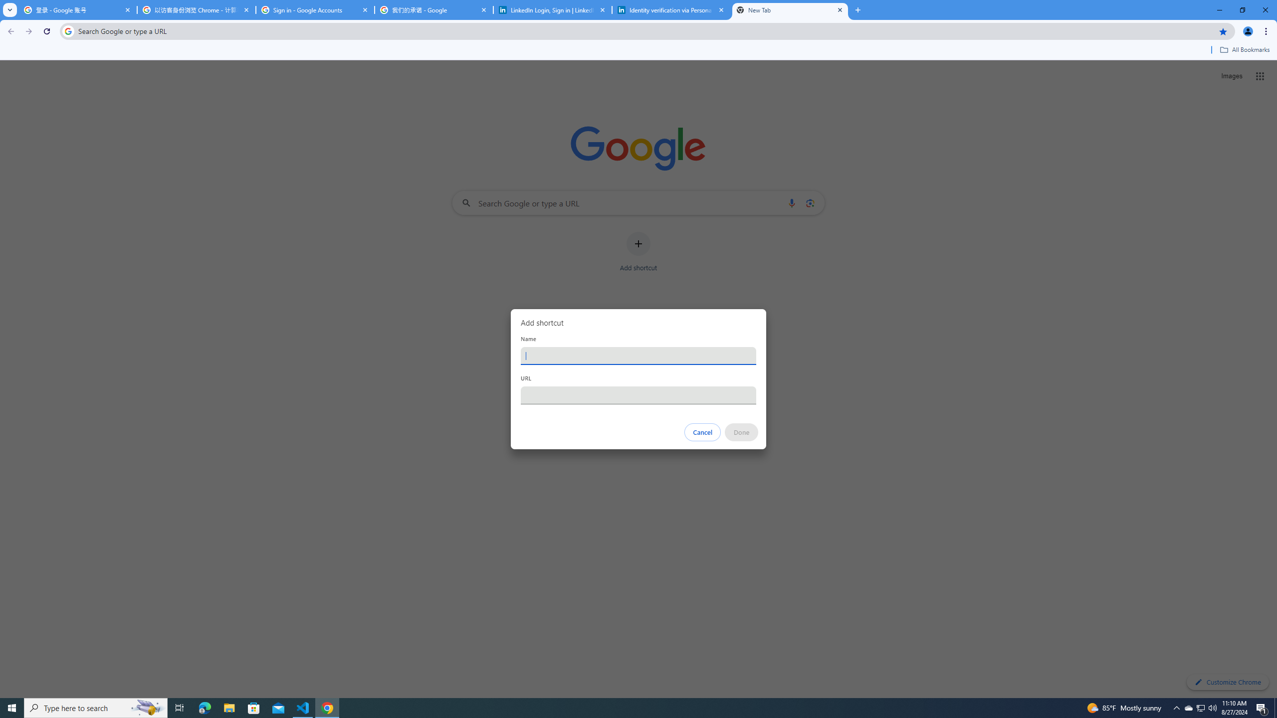 The width and height of the screenshot is (1277, 718). I want to click on 'New Tab', so click(790, 9).